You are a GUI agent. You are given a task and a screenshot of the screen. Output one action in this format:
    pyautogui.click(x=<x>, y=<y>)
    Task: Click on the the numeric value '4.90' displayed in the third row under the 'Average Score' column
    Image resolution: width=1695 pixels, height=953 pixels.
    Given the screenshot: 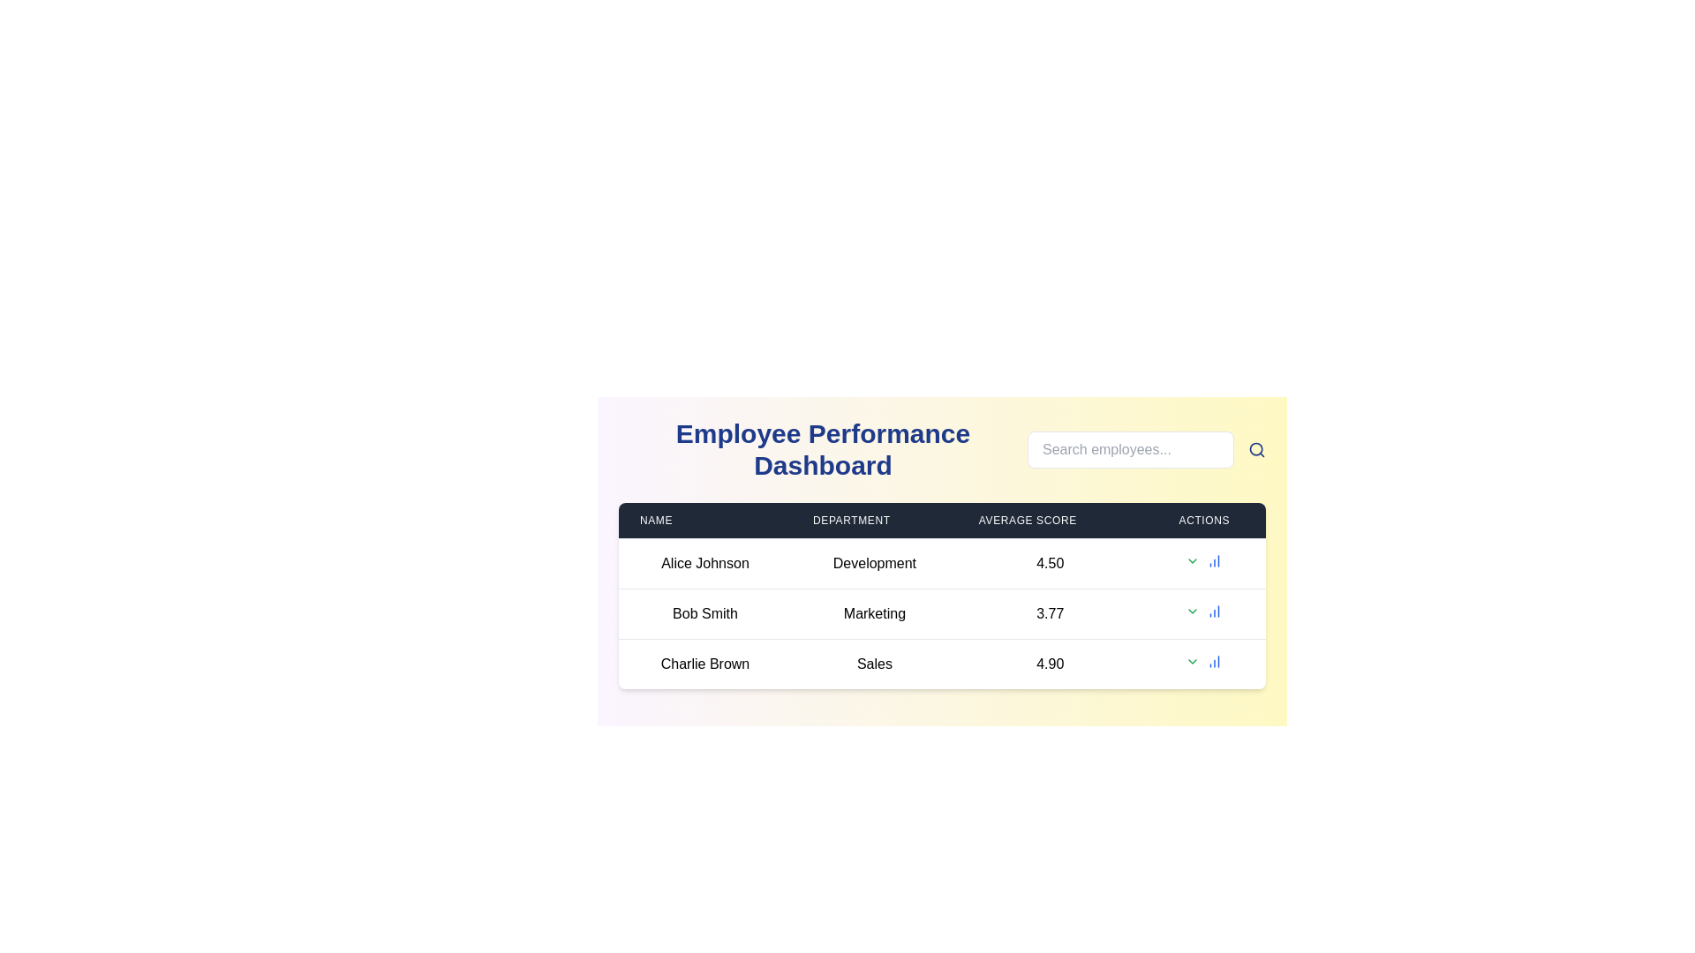 What is the action you would take?
    pyautogui.click(x=1050, y=664)
    